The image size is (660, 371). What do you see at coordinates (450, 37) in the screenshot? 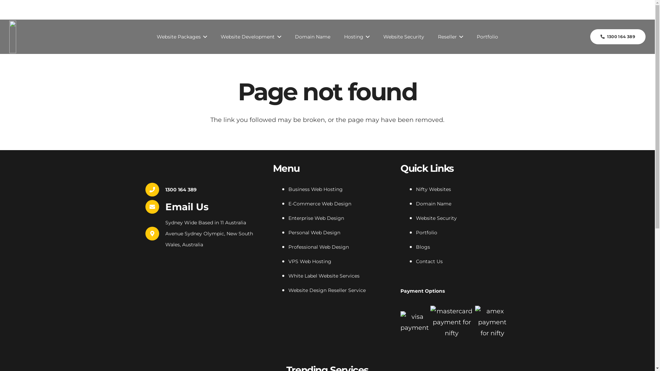
I see `'Reseller'` at bounding box center [450, 37].